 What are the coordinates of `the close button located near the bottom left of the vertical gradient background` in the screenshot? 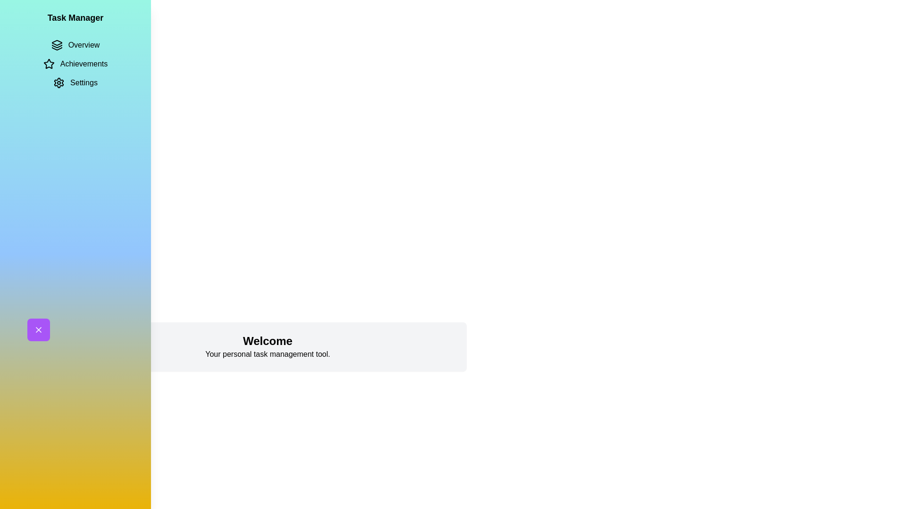 It's located at (38, 329).